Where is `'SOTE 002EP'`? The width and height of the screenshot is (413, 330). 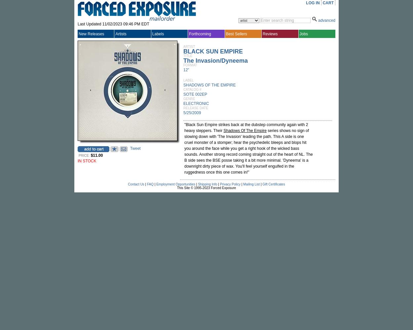 'SOTE 002EP' is located at coordinates (195, 94).